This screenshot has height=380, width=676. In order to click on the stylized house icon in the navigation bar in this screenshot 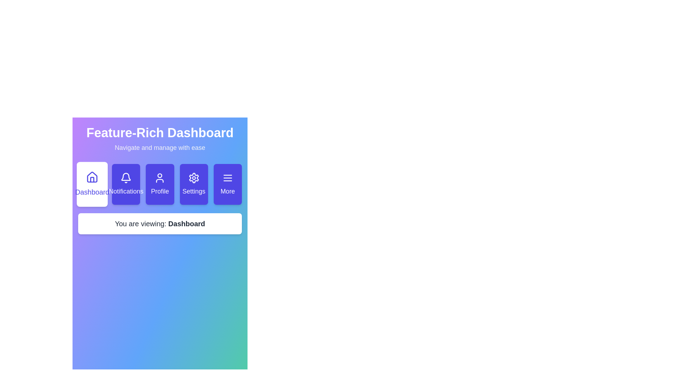, I will do `click(92, 177)`.